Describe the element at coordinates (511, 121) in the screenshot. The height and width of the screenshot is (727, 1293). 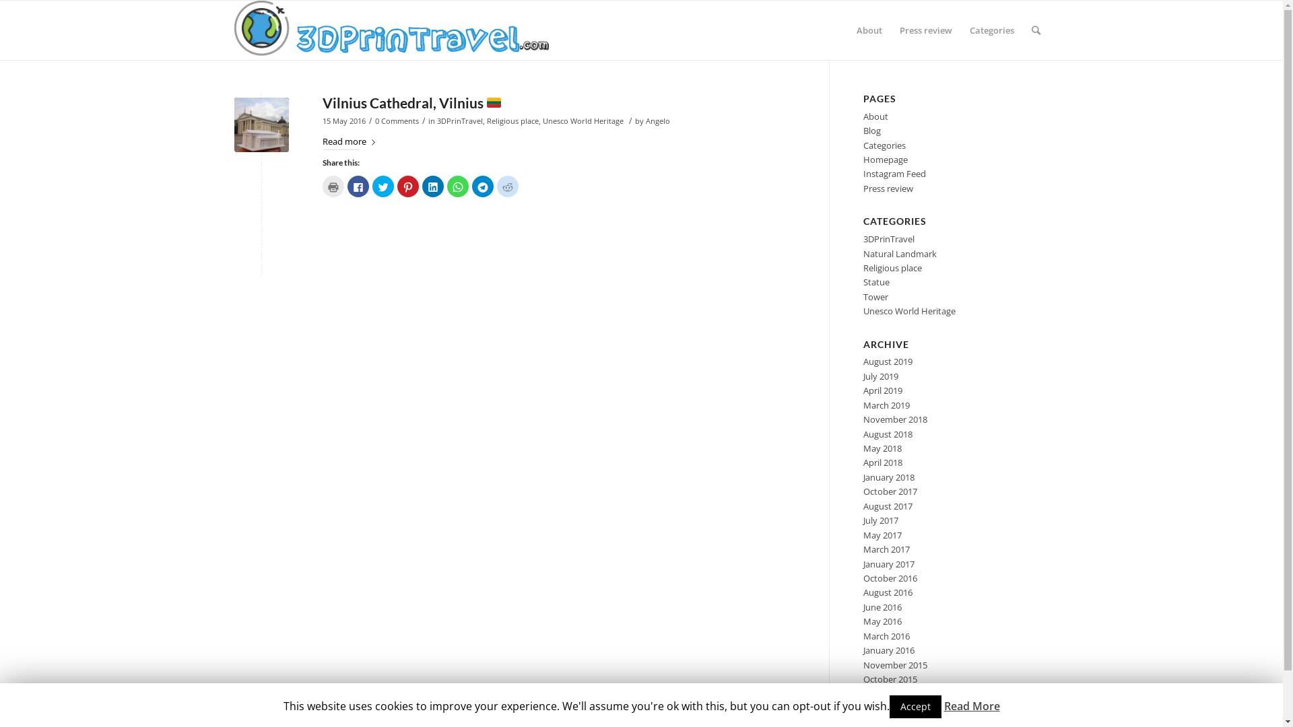
I see `'Religious place'` at that location.